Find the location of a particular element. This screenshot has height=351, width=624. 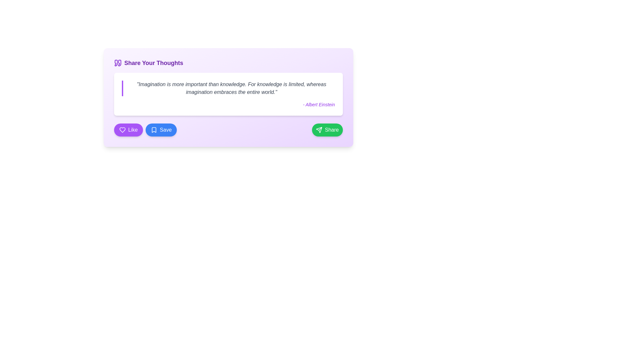

the share button located on the far-right side of the button group, which includes 'Like' on the left and 'Save' in the center is located at coordinates (327, 130).